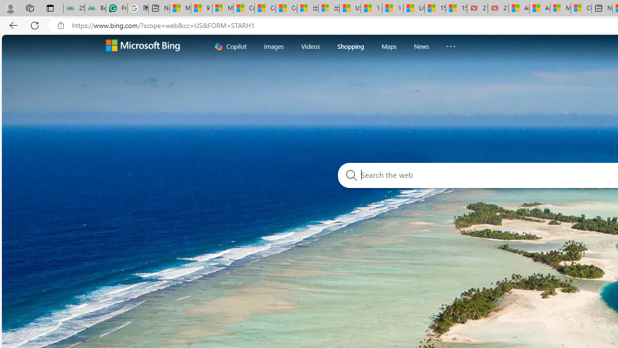 Image resolution: width=618 pixels, height=348 pixels. Describe the element at coordinates (230, 46) in the screenshot. I see `'Copilot'` at that location.